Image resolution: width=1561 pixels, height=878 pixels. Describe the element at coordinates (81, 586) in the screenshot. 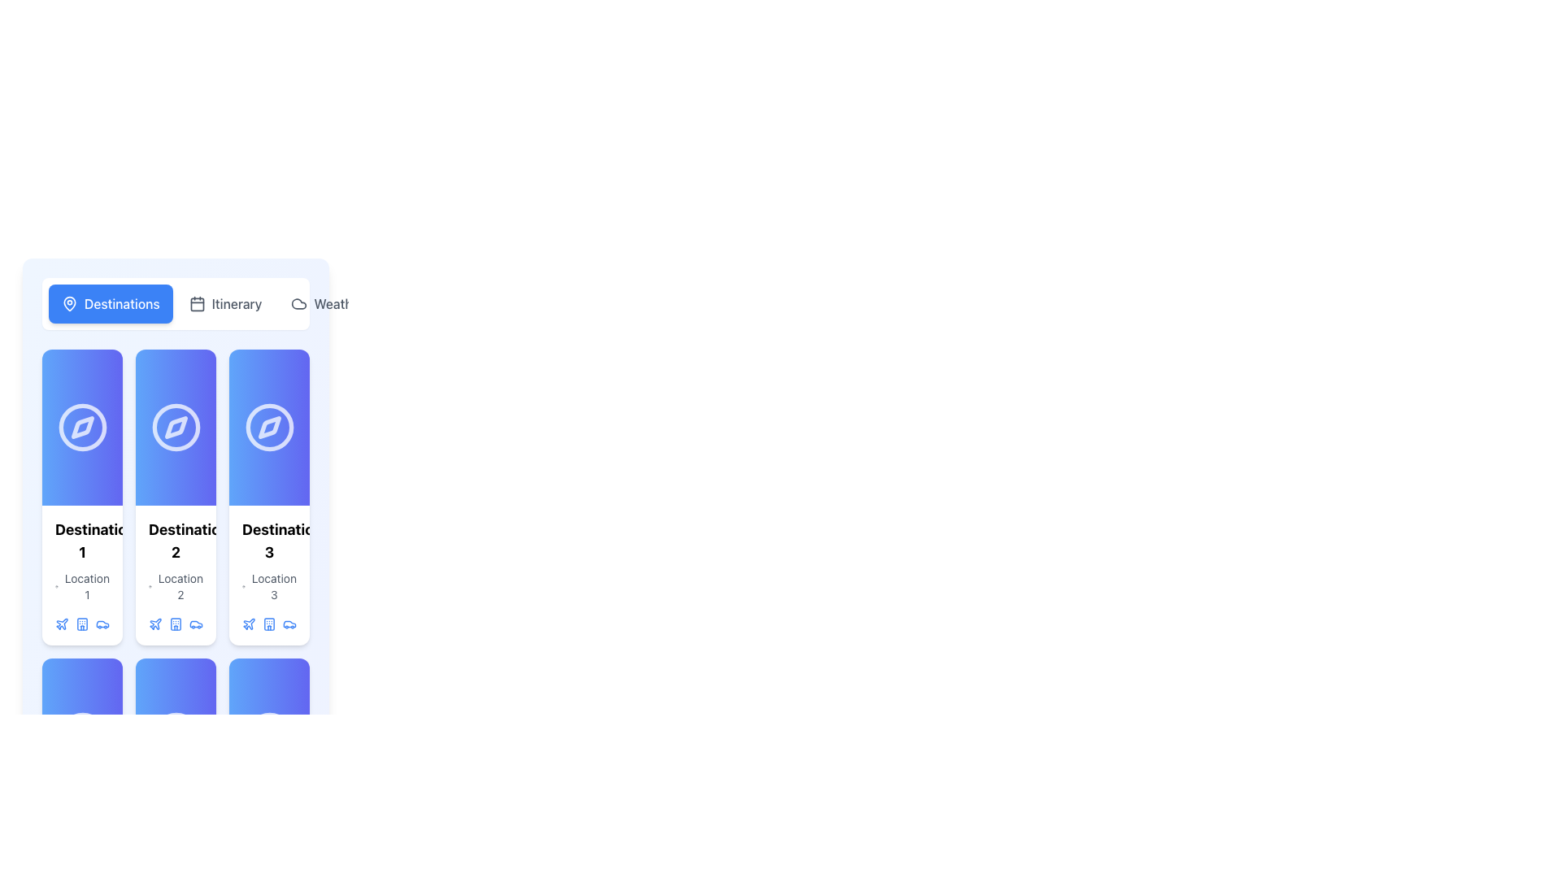

I see `the Text Label with Icon that indicates the specific location details associated with 'Destination 1', located beneath its title within the first card under the 'Destinations' tab` at that location.